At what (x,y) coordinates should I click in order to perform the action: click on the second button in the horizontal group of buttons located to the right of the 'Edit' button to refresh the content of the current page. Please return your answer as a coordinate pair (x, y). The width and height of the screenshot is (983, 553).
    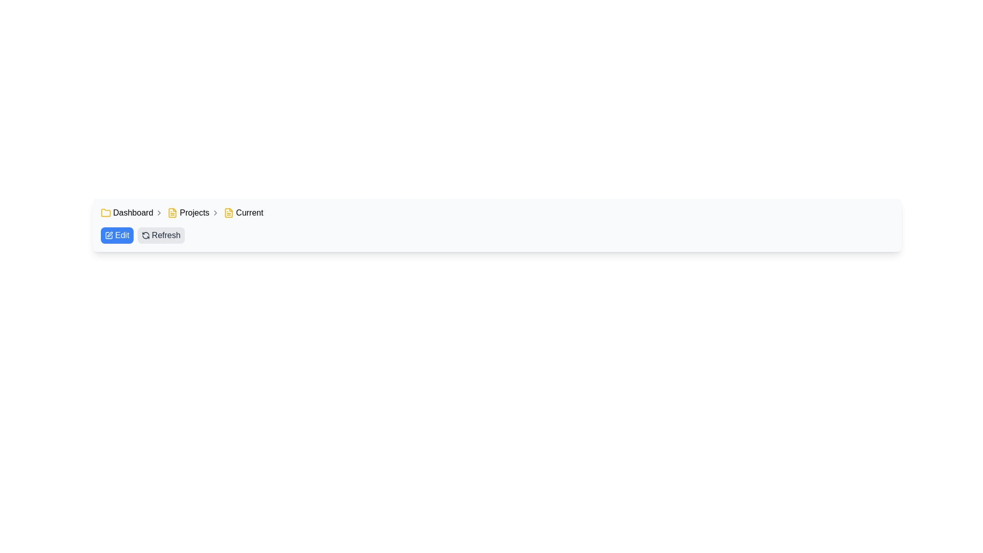
    Looking at the image, I should click on (160, 235).